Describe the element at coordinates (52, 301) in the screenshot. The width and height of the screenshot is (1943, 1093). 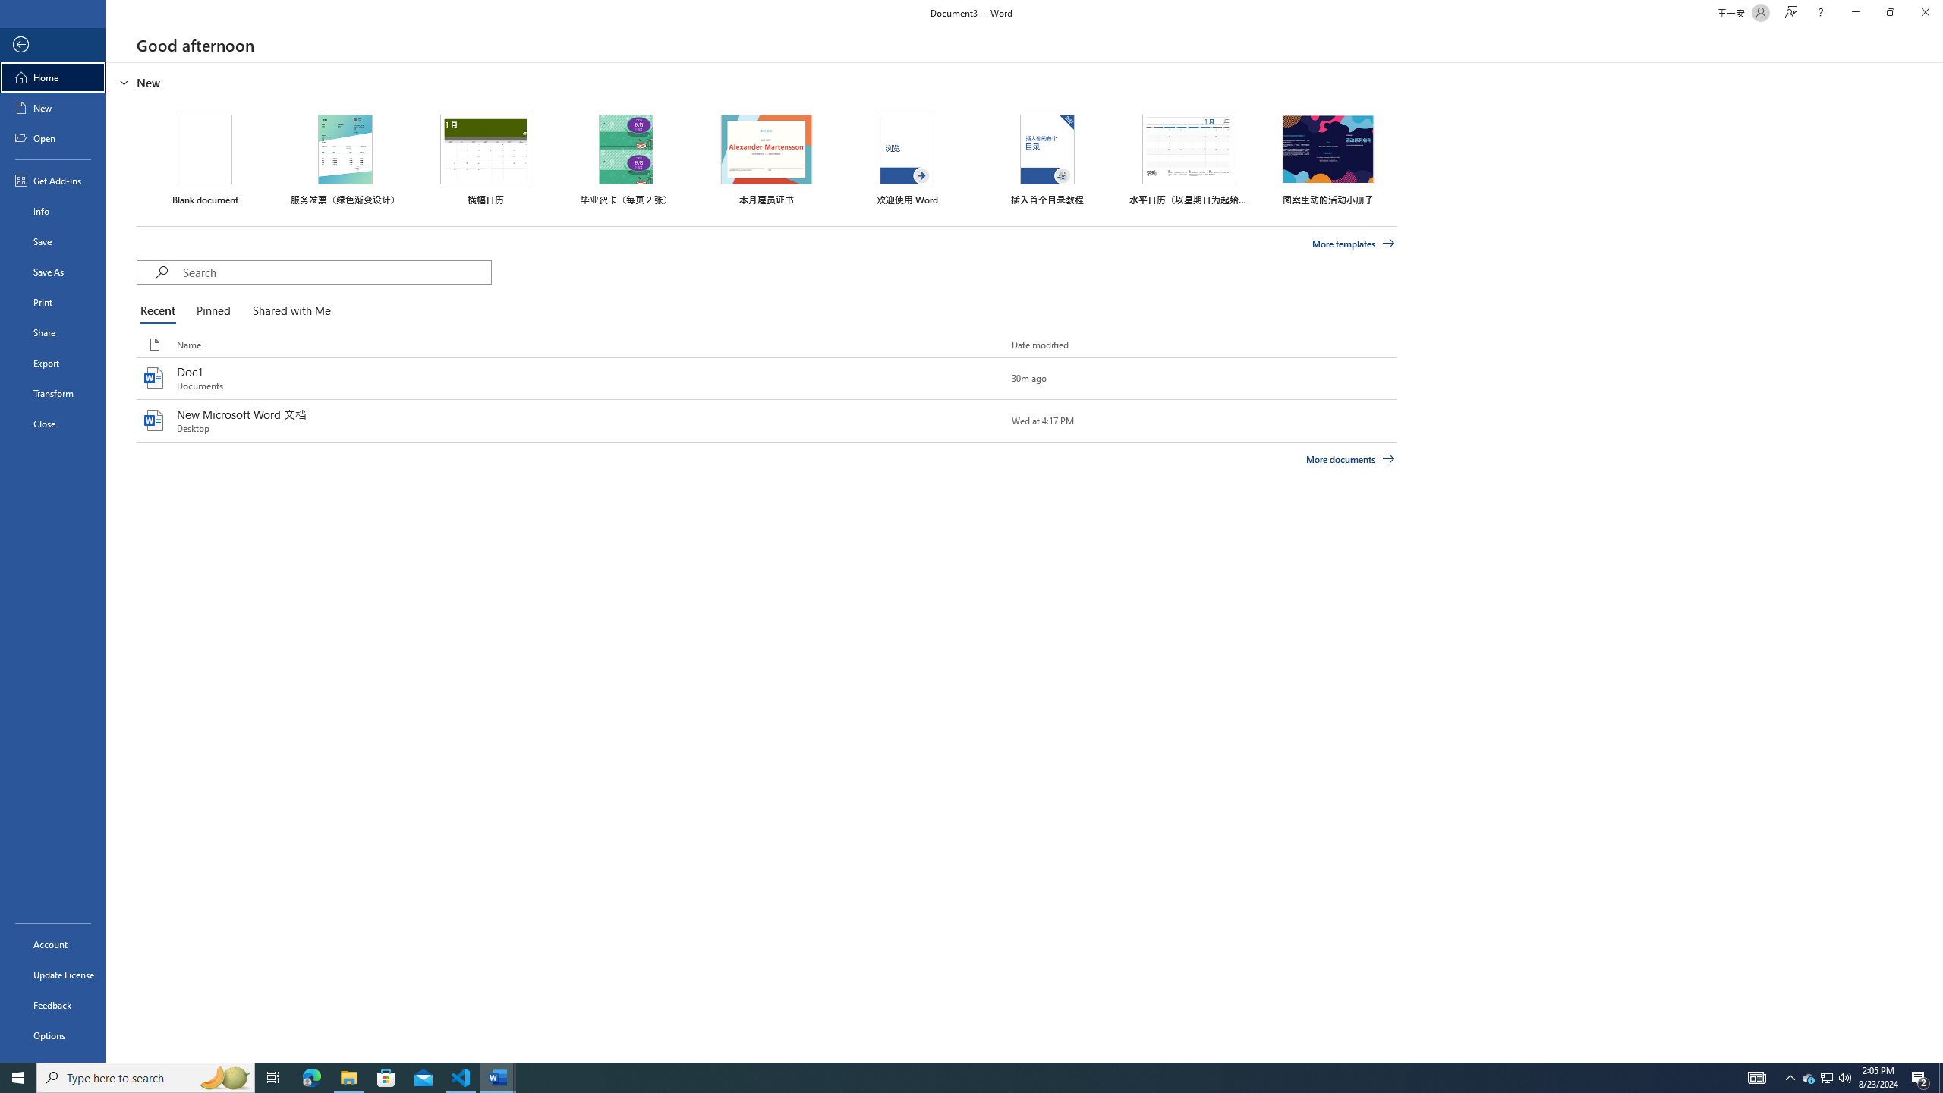
I see `'Print'` at that location.